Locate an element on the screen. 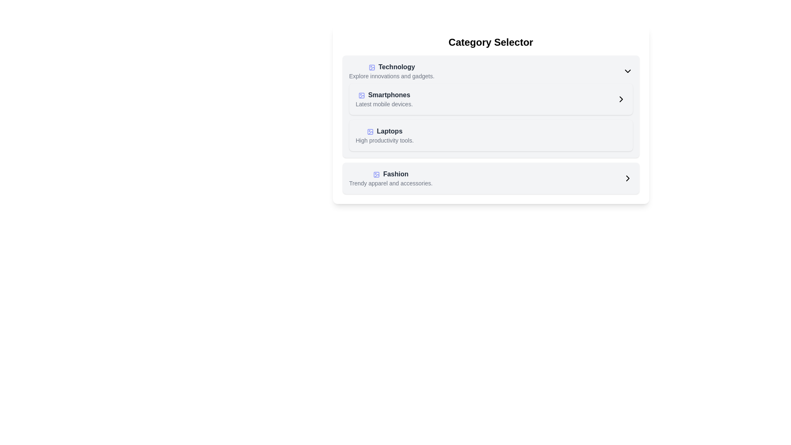  the 'Fashion' category selection item, which features a bold 'Fashion' title and a brief description is located at coordinates (390, 178).